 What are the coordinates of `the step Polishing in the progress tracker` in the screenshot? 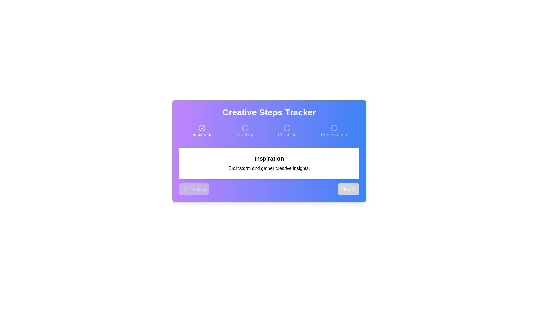 It's located at (287, 131).